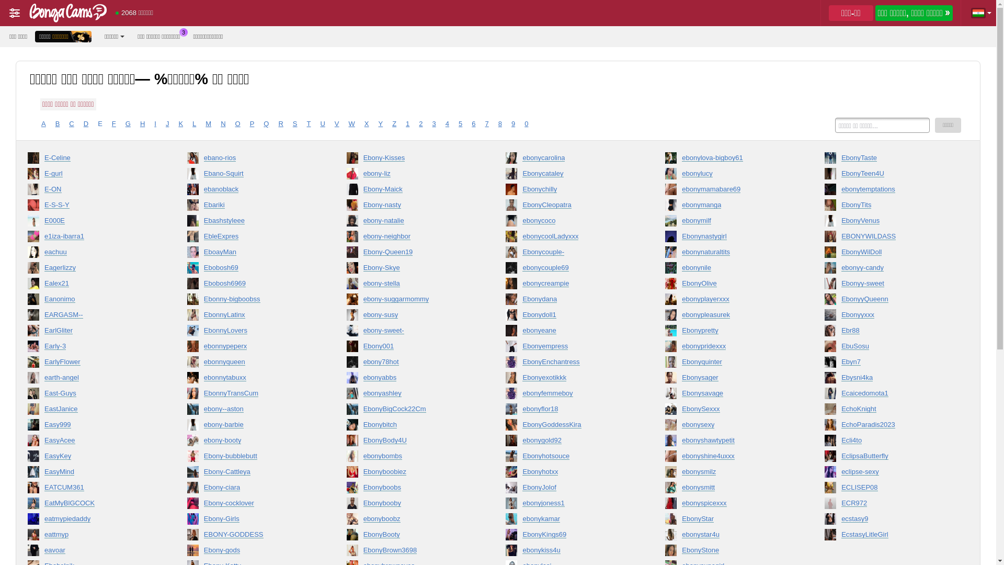 The image size is (1004, 565). Describe the element at coordinates (569, 552) in the screenshot. I see `'ebonykiss4u'` at that location.